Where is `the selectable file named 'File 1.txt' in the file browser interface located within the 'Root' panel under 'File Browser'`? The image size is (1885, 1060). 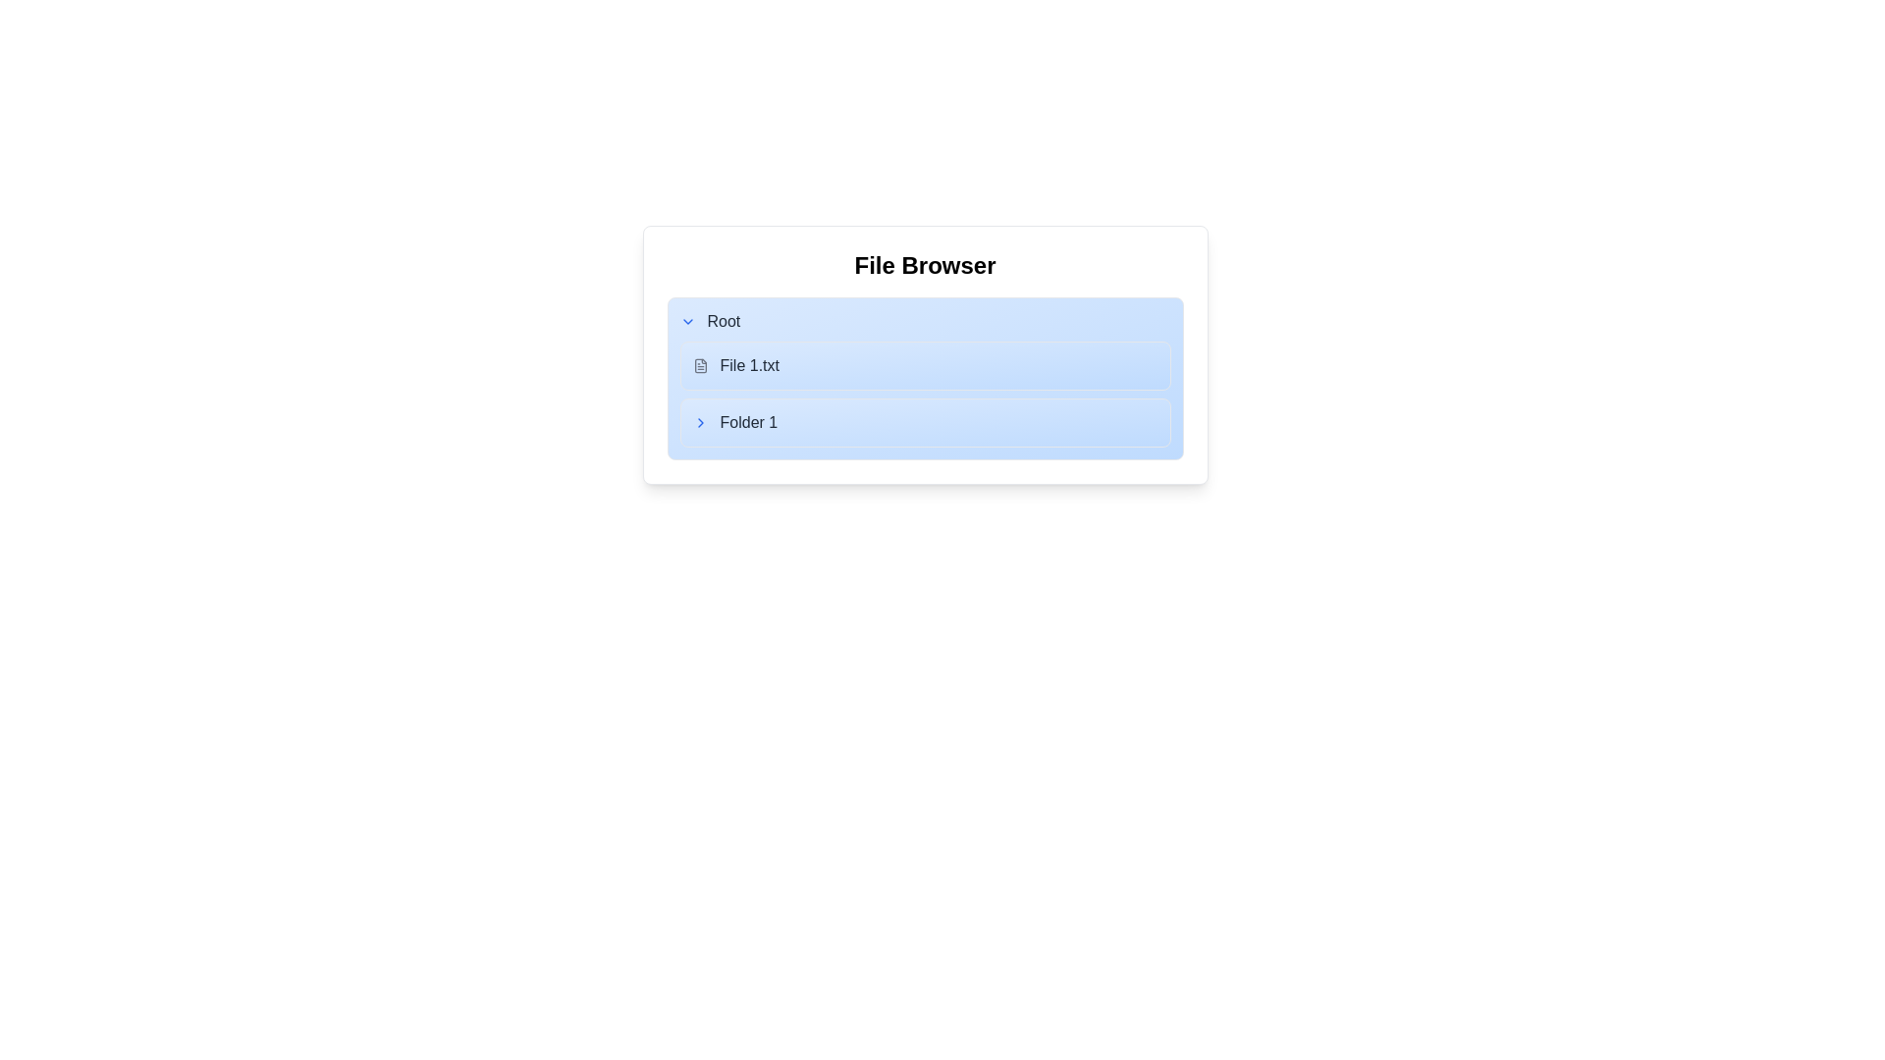 the selectable file named 'File 1.txt' in the file browser interface located within the 'Root' panel under 'File Browser' is located at coordinates (924, 366).